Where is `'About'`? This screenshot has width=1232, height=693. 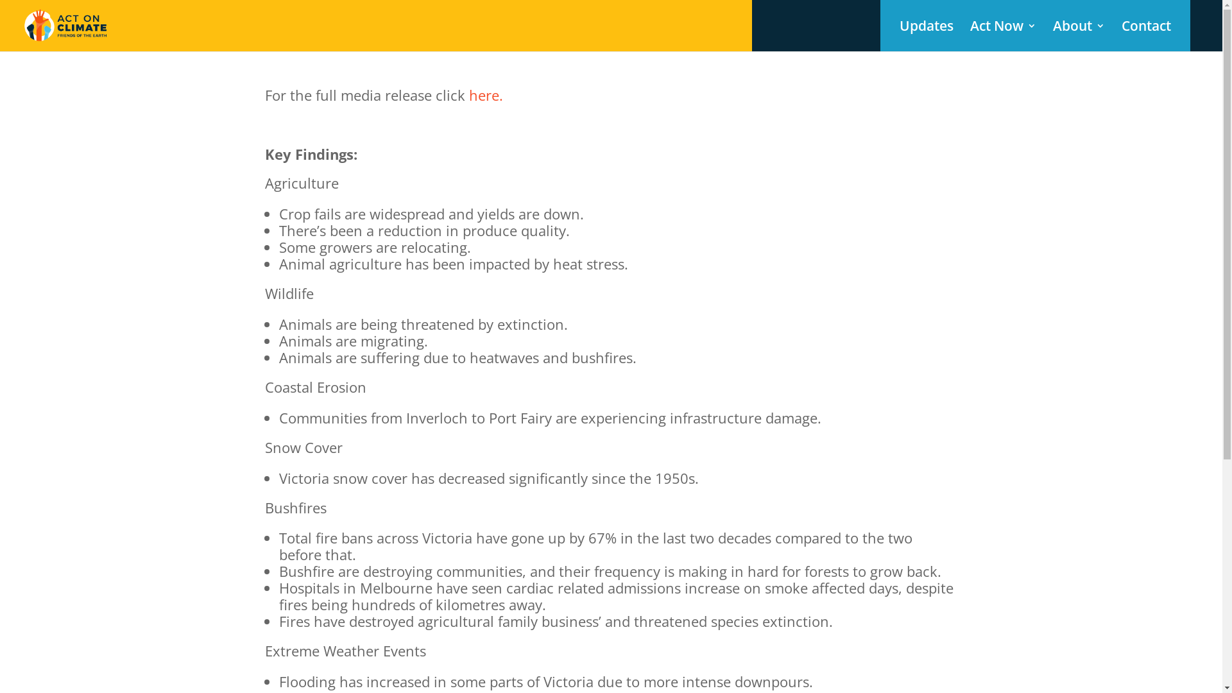
'About' is located at coordinates (1078, 35).